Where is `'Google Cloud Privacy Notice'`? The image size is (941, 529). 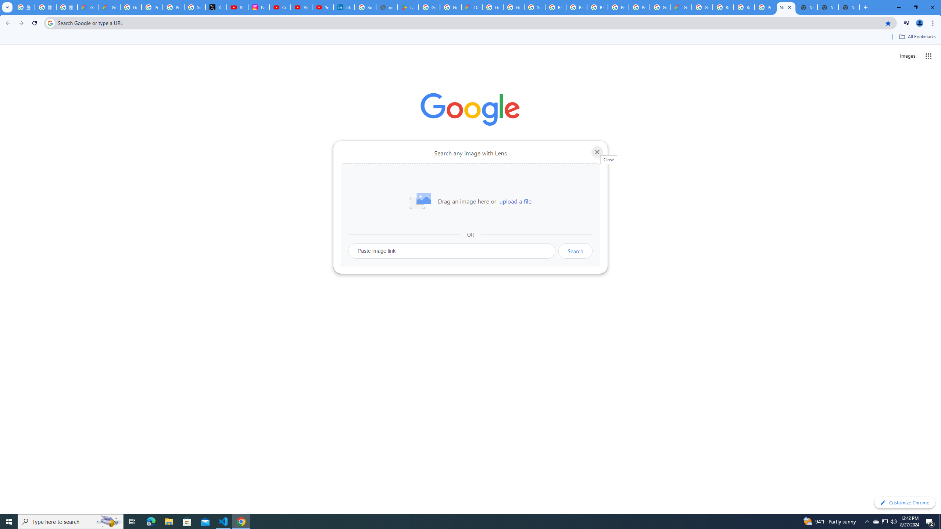
'Google Cloud Privacy Notice' is located at coordinates (109, 7).